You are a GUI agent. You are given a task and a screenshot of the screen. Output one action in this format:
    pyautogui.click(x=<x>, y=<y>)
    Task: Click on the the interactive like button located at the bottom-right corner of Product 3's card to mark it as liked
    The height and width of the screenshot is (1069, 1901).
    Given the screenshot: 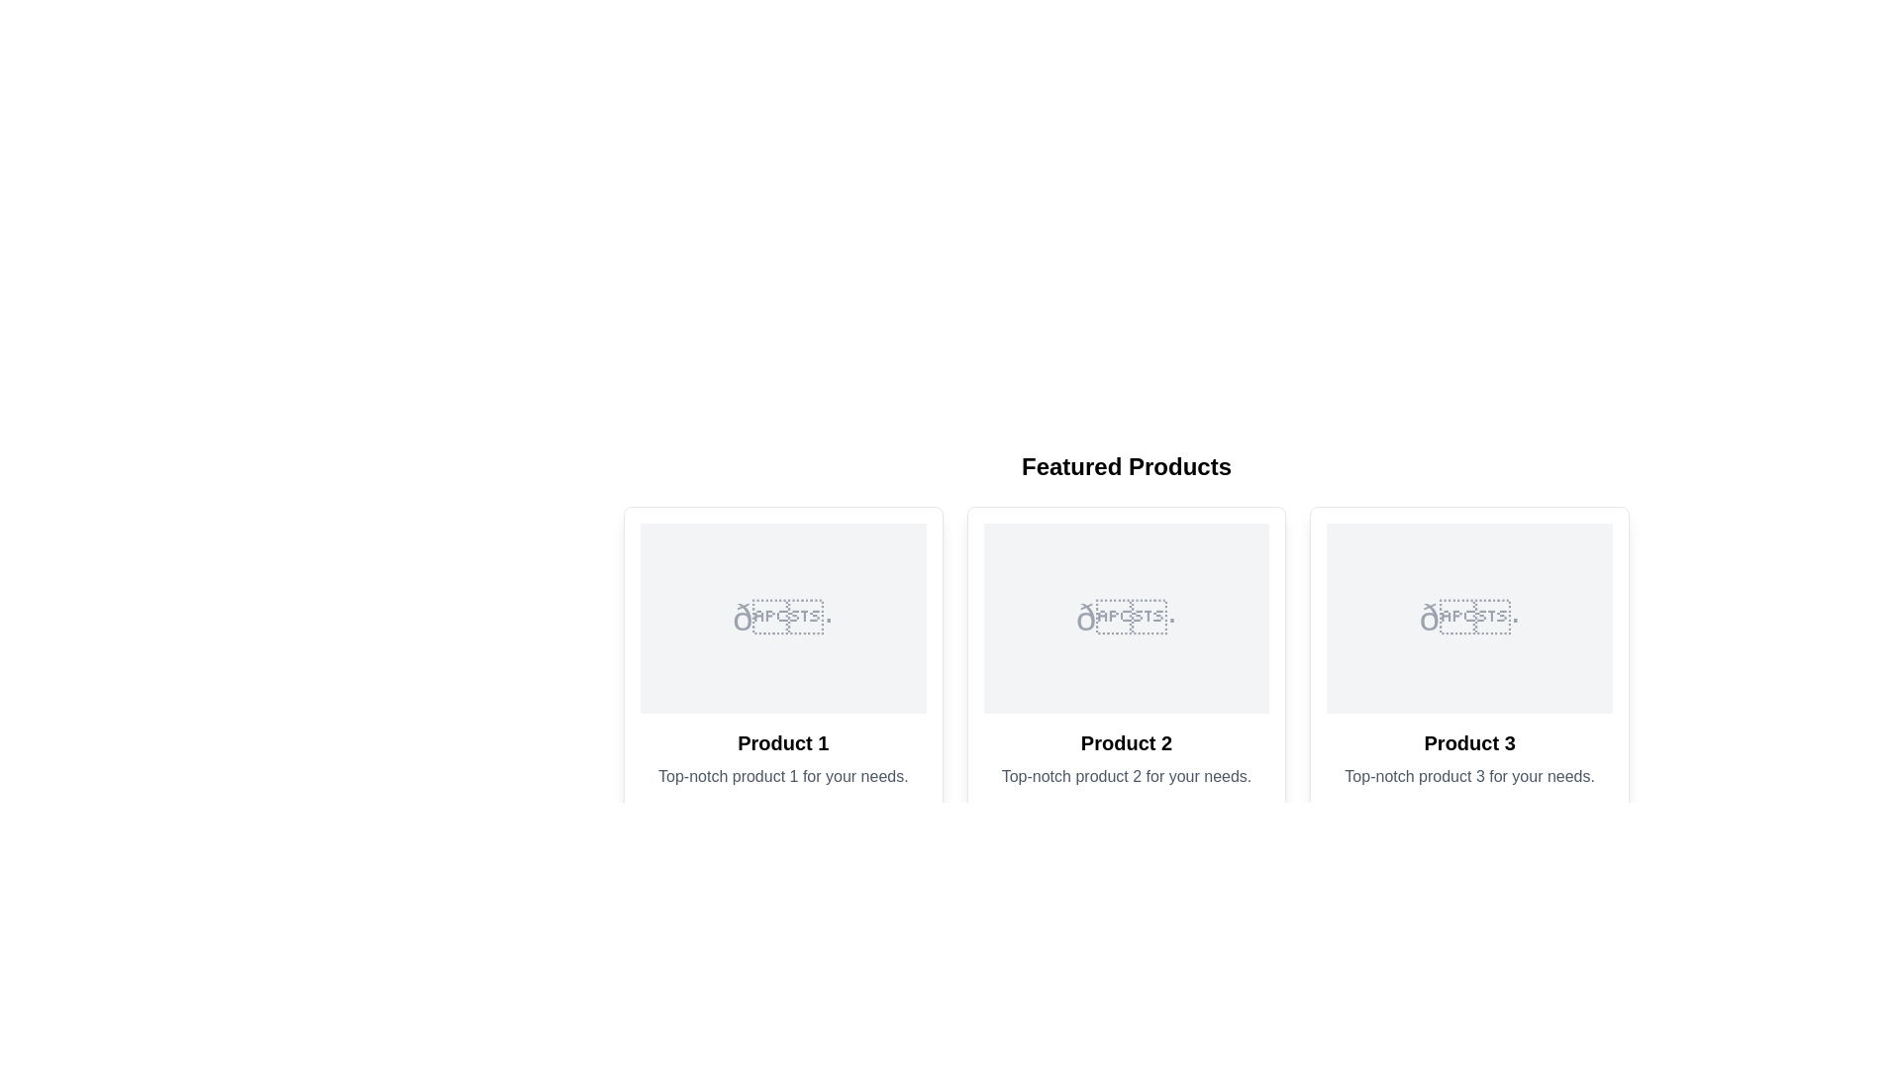 What is the action you would take?
    pyautogui.click(x=1540, y=825)
    